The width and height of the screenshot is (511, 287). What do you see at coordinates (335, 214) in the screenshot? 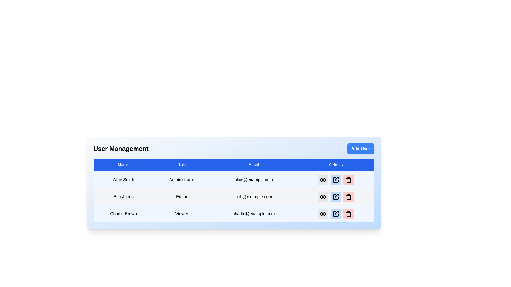
I see `the second action button with a blue background and a pencil icon` at bounding box center [335, 214].